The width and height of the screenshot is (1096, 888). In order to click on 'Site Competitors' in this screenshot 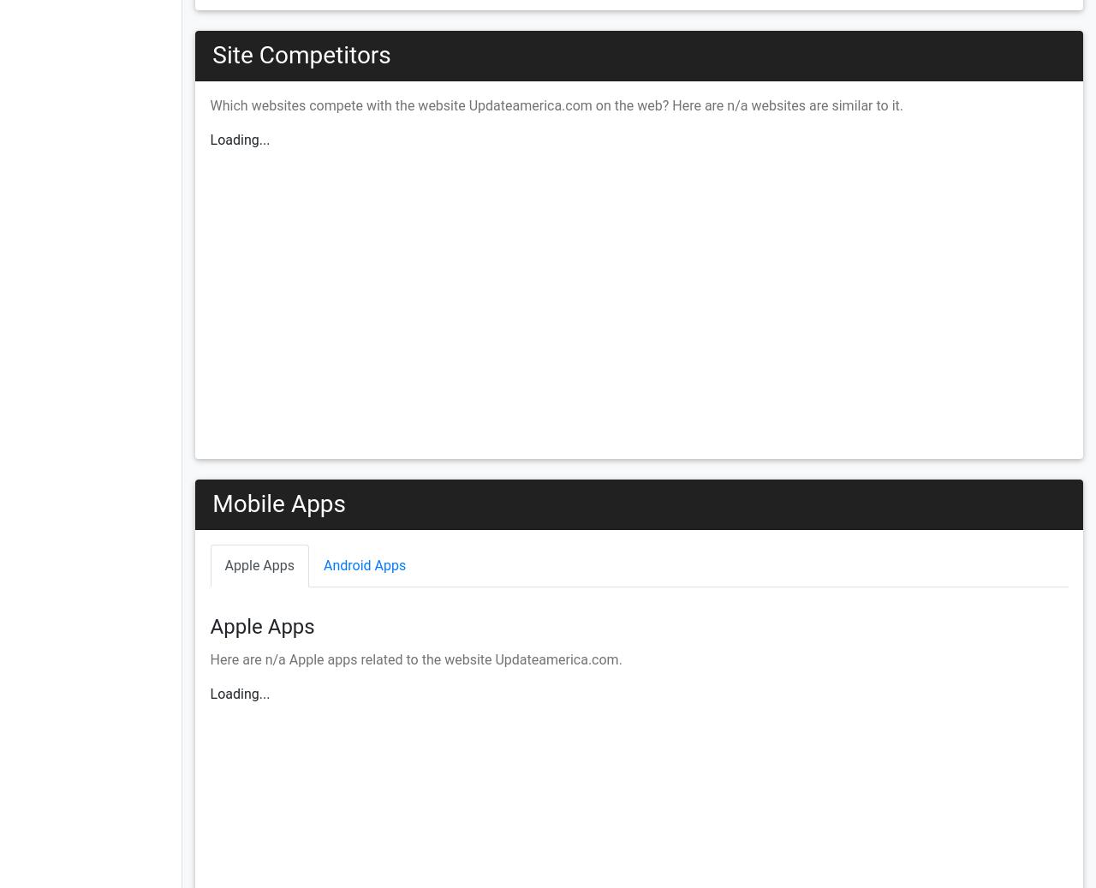, I will do `click(211, 54)`.